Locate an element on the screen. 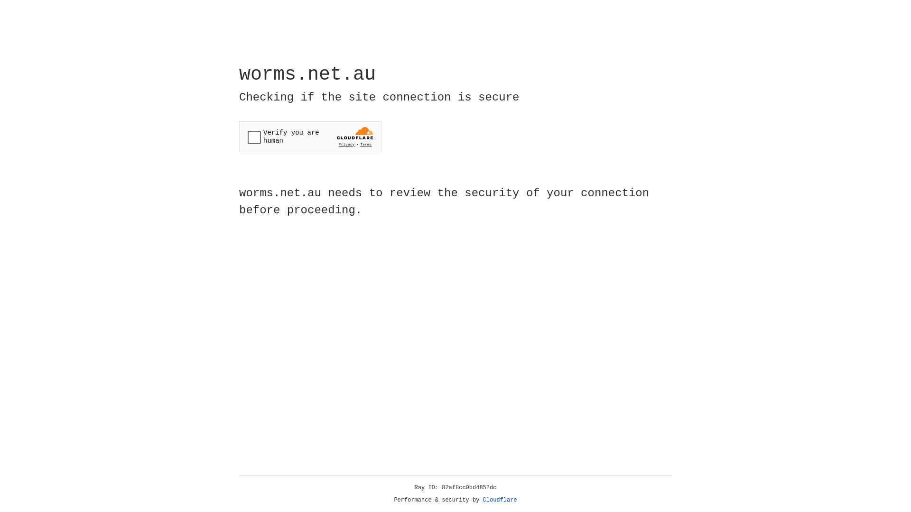 The image size is (911, 512). 'Widget containing a Cloudflare security challenge' is located at coordinates (310, 137).